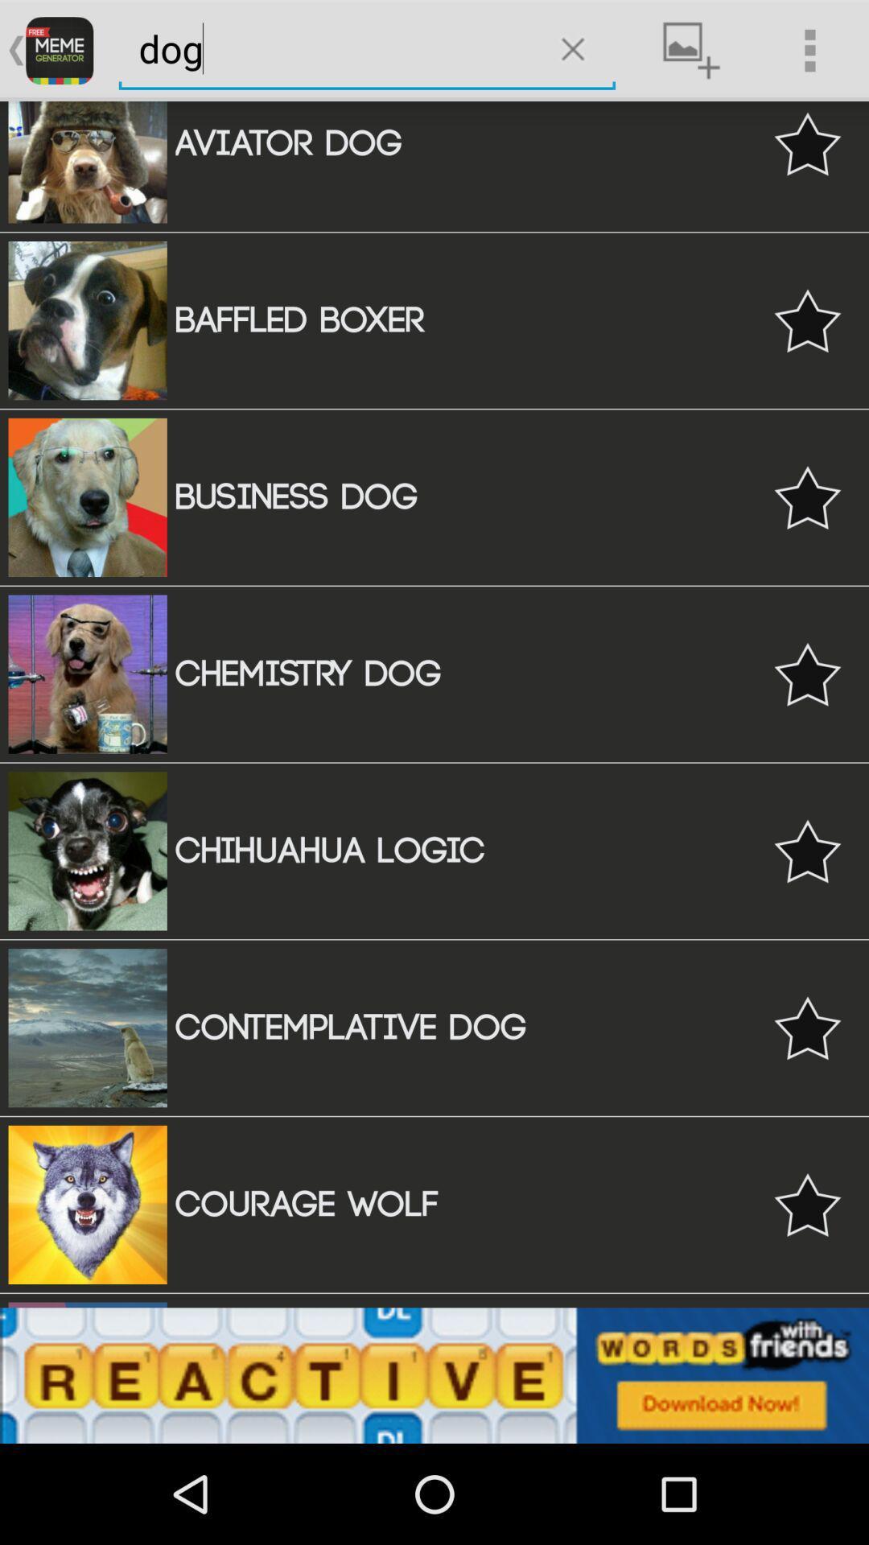  Describe the element at coordinates (327, 49) in the screenshot. I see `text field` at that location.